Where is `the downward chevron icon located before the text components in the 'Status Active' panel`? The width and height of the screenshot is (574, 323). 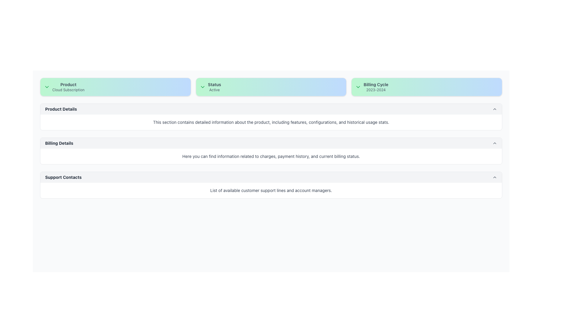
the downward chevron icon located before the text components in the 'Status Active' panel is located at coordinates (202, 87).